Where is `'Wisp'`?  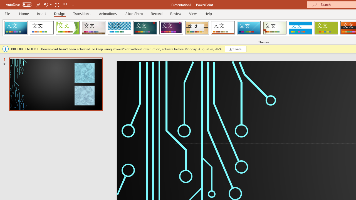
'Wisp' is located at coordinates (275, 28).